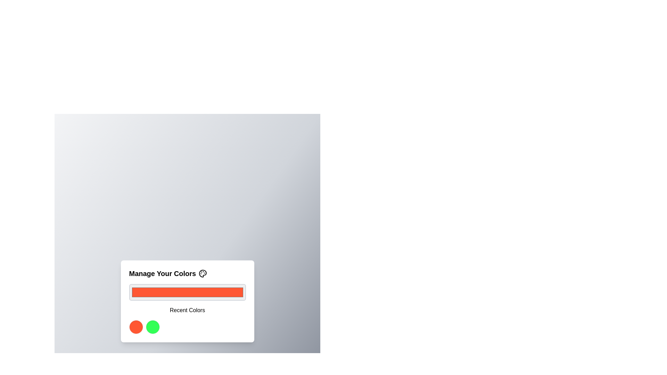 This screenshot has width=667, height=375. I want to click on the color management icon located in the 'Manage Your Colors' widget near the top-right corner, so click(203, 273).